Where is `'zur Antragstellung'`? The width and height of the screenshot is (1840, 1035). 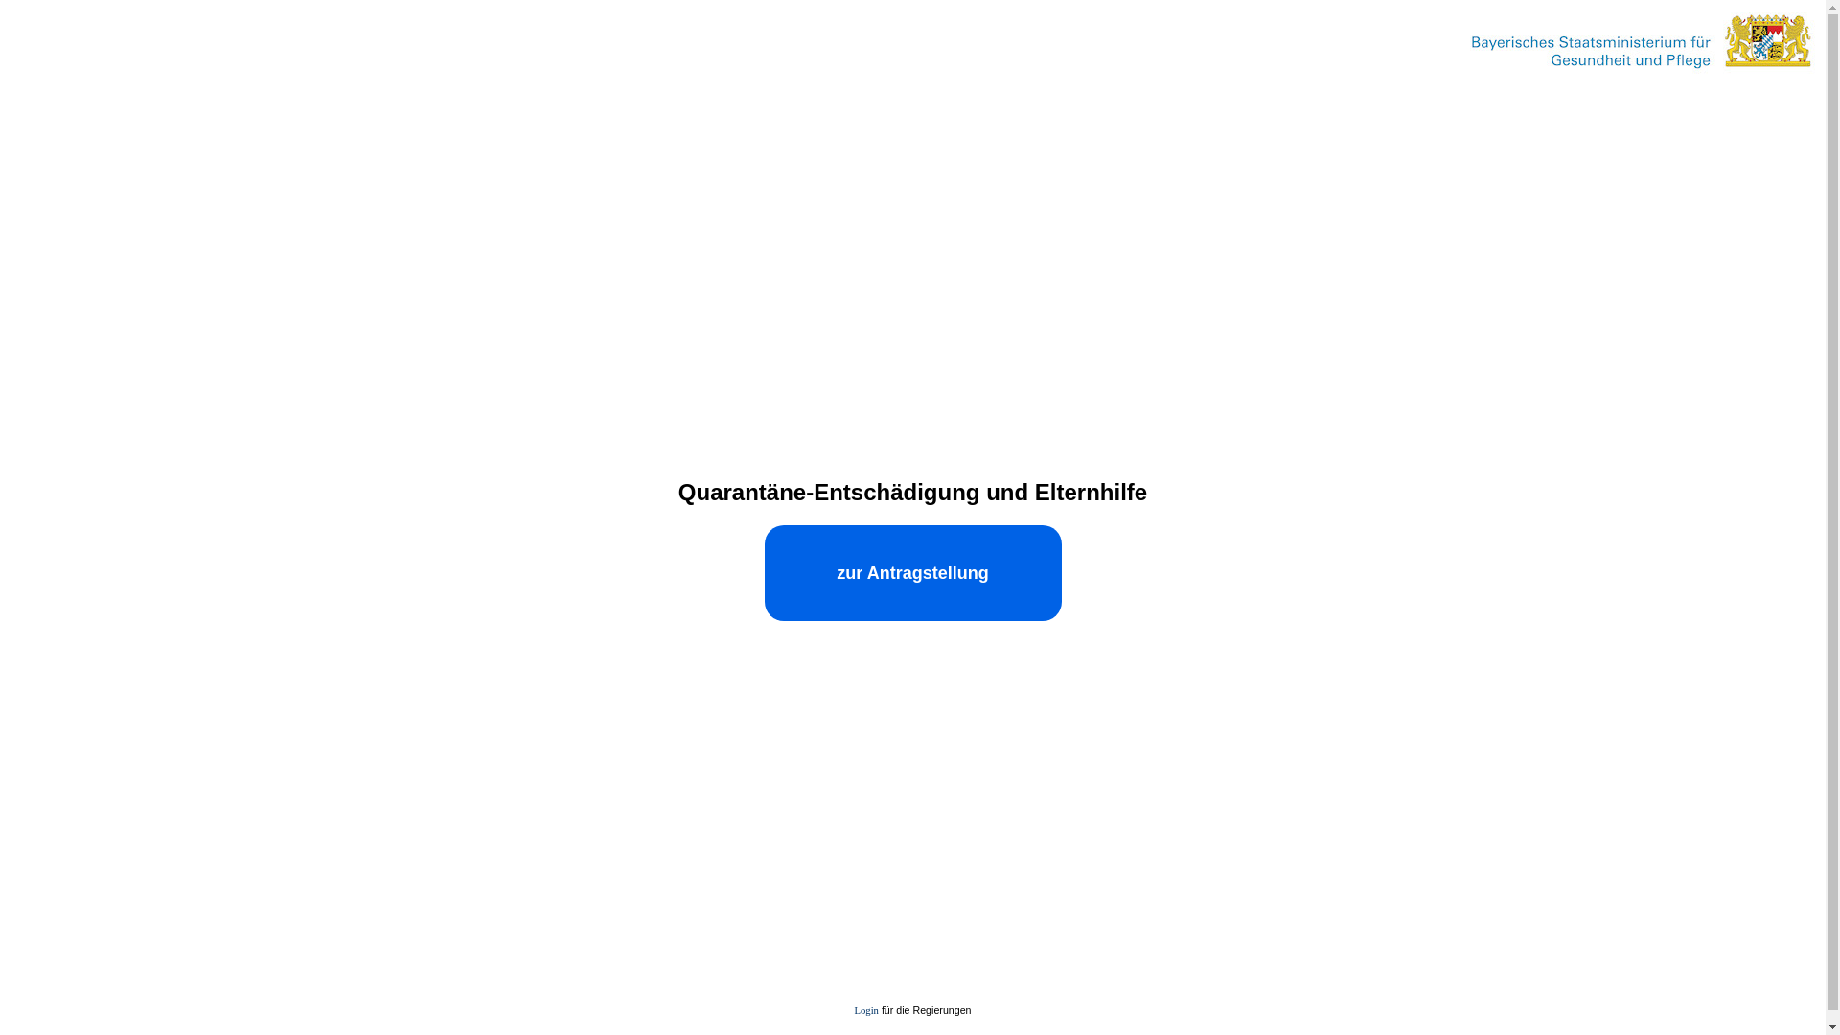
'zur Antragstellung' is located at coordinates (912, 571).